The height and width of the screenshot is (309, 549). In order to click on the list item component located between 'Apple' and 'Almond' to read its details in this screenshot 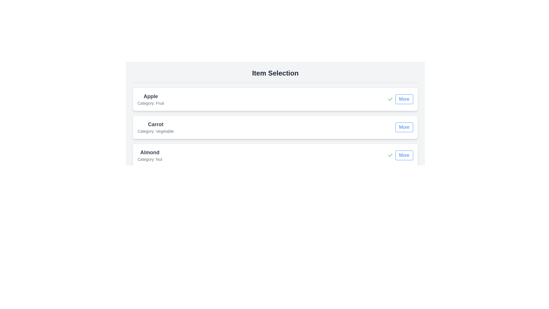, I will do `click(275, 127)`.